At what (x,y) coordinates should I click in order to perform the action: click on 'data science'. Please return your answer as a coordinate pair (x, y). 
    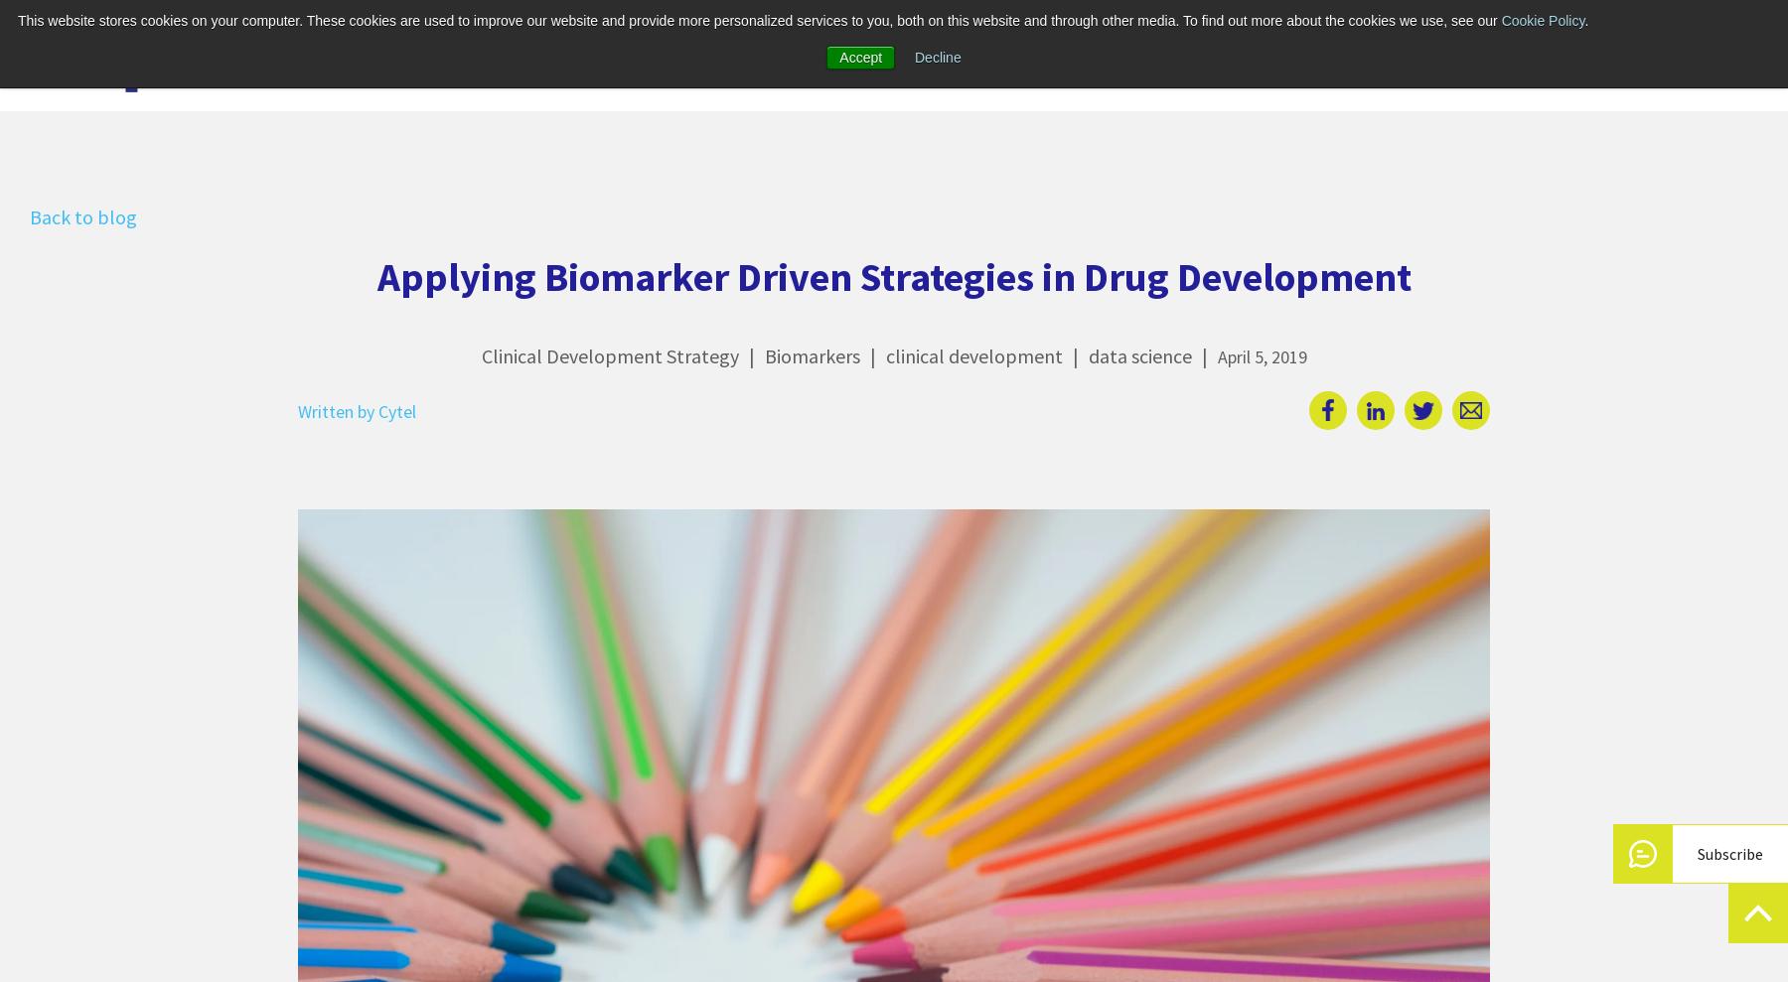
    Looking at the image, I should click on (1137, 354).